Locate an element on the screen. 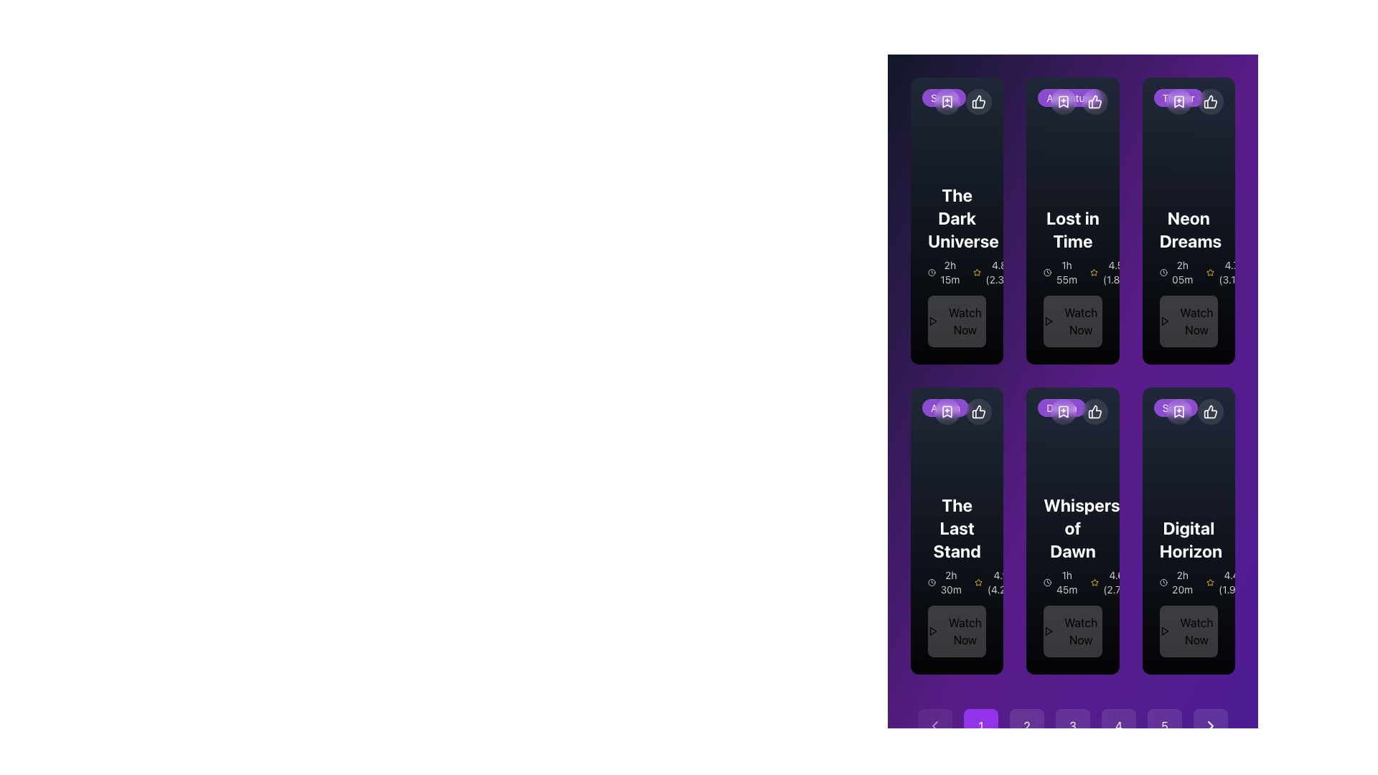  the content card for the movie 'Lost in Time' to activate its hover effects, situated in the middle column of the first row of the grid layout is located at coordinates (1072, 221).